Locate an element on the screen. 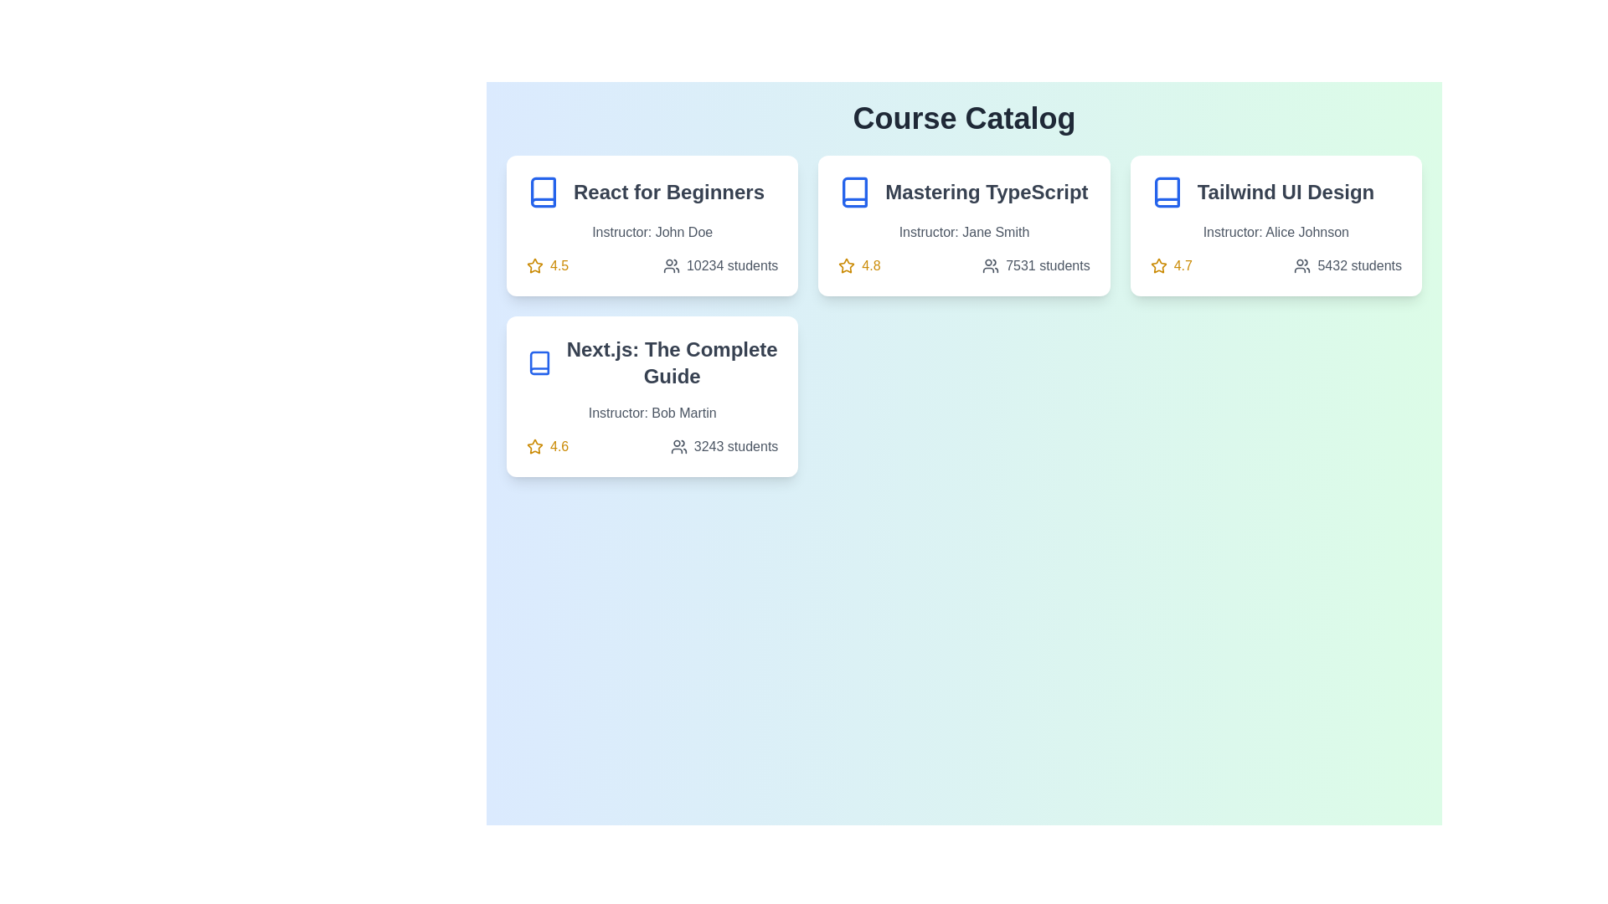 The image size is (1608, 904). text element displaying 'Instructor: Alice Johnson', which is styled in a subtle gray color and located under the course title 'Tailwind UI Design' is located at coordinates (1275, 232).